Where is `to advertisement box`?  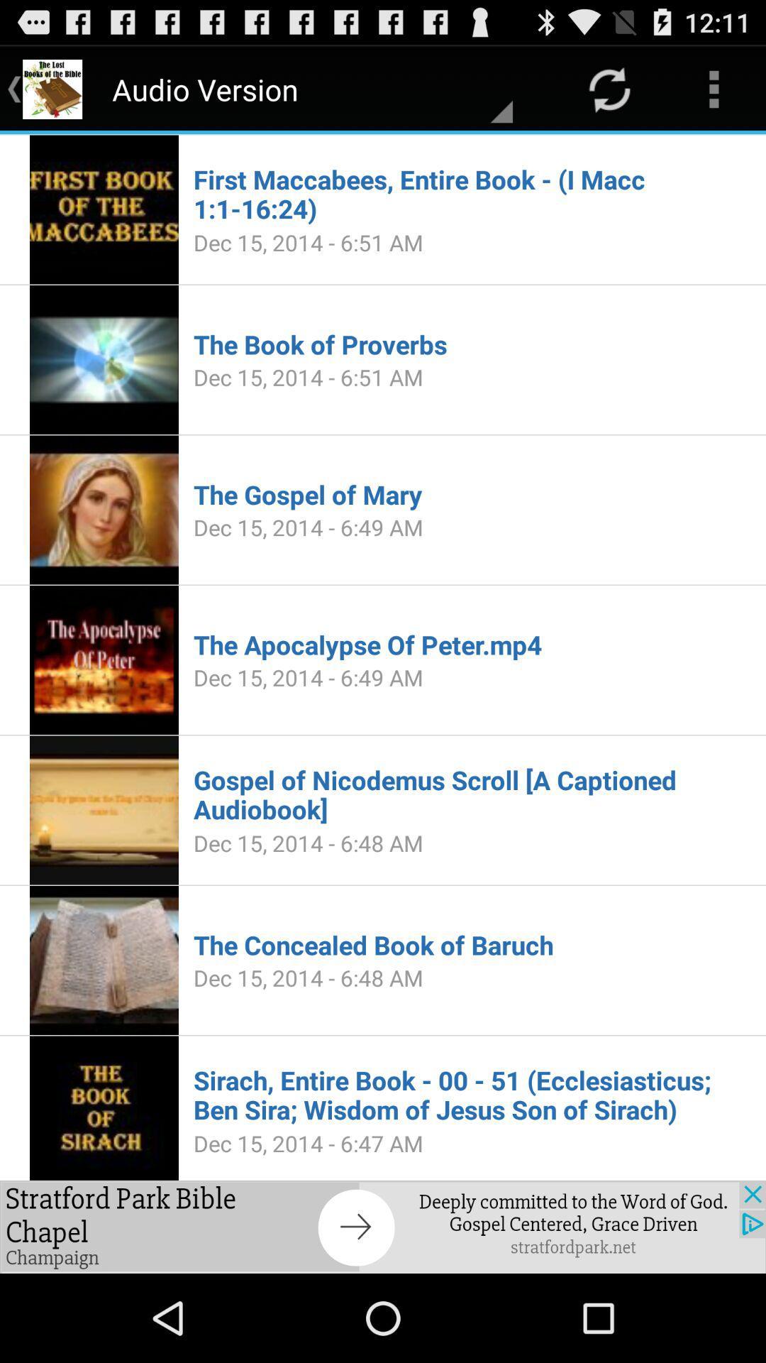
to advertisement box is located at coordinates (383, 1226).